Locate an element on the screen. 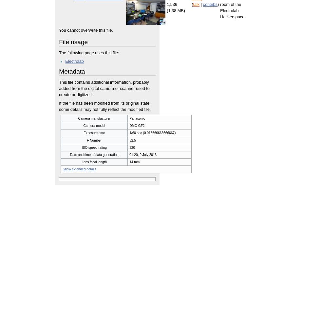 The image size is (321, 327). 'Panasonic' is located at coordinates (137, 118).